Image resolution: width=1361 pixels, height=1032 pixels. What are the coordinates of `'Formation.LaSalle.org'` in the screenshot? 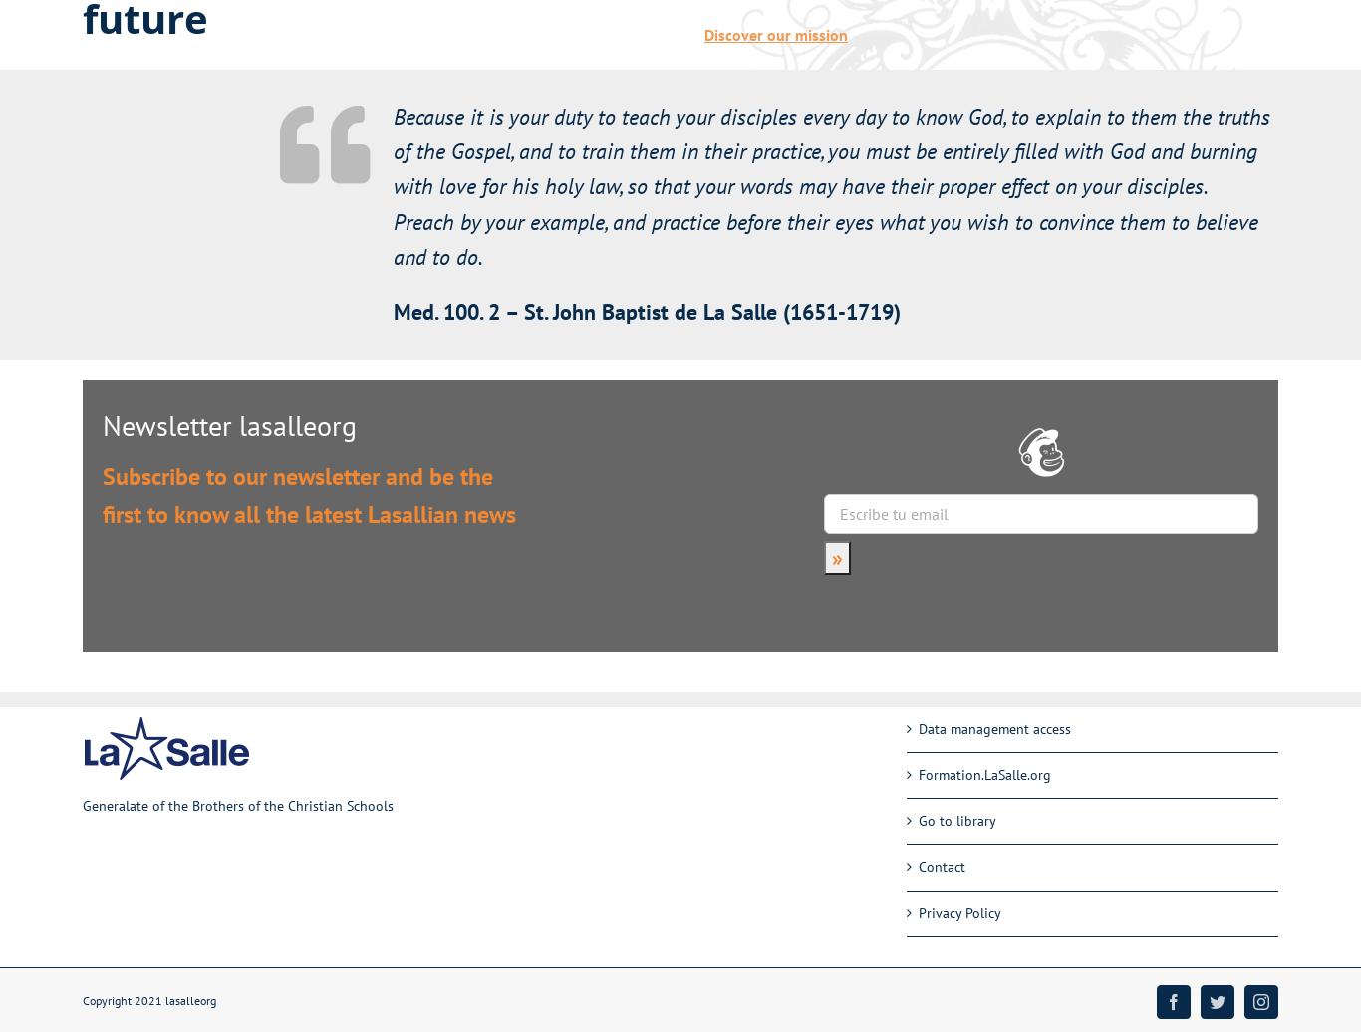 It's located at (917, 775).